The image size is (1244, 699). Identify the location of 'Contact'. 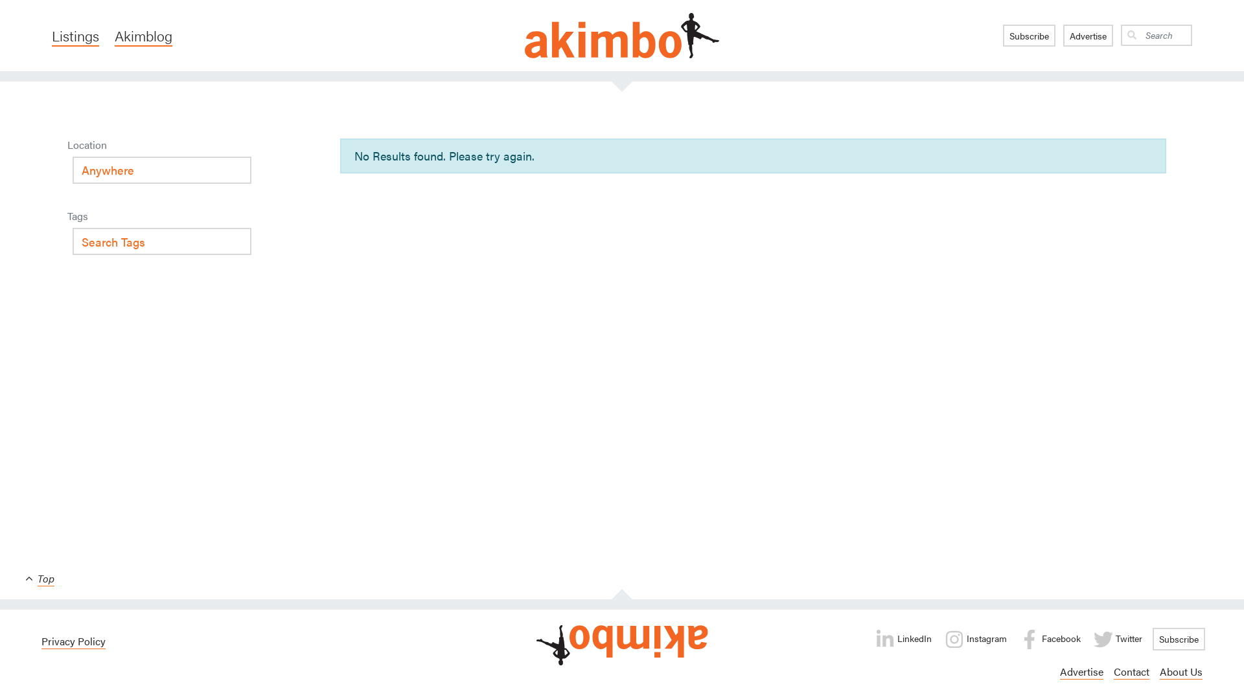
(1131, 671).